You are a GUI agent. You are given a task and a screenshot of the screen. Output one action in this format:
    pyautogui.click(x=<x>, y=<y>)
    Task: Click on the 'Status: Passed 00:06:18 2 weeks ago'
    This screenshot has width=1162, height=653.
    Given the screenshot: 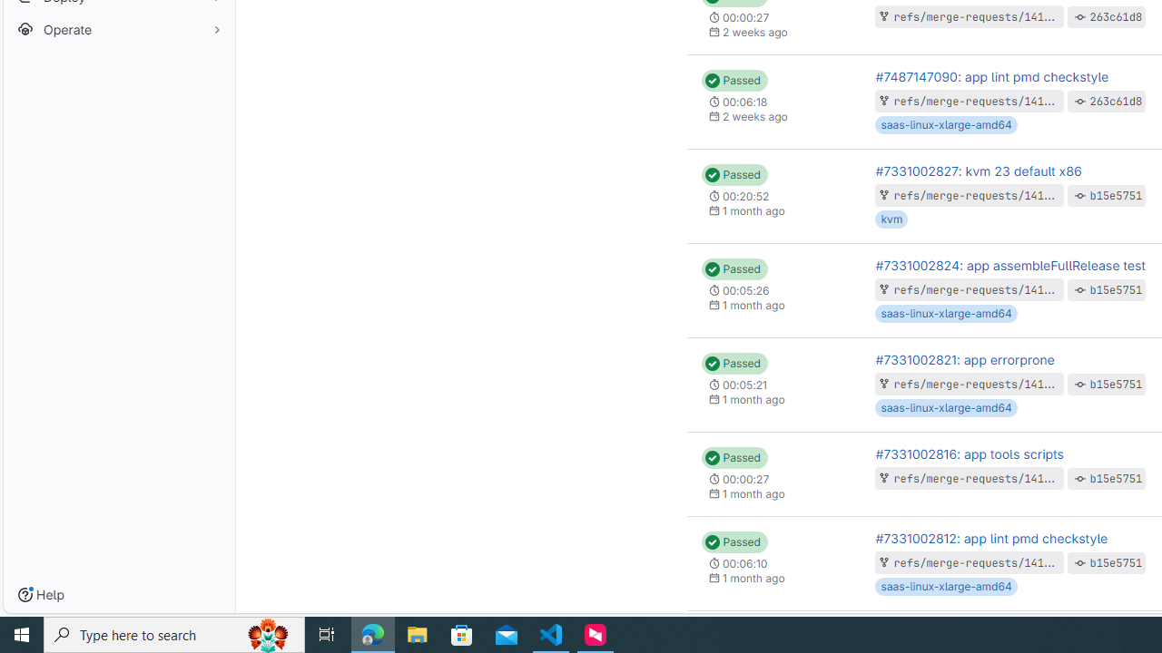 What is the action you would take?
    pyautogui.click(x=773, y=102)
    